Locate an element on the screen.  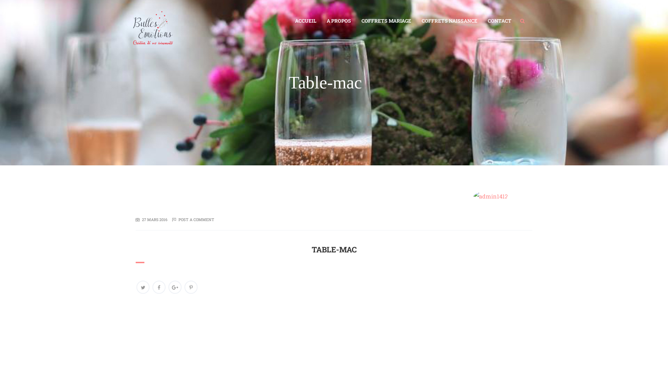
'A PROPOS' is located at coordinates (339, 21).